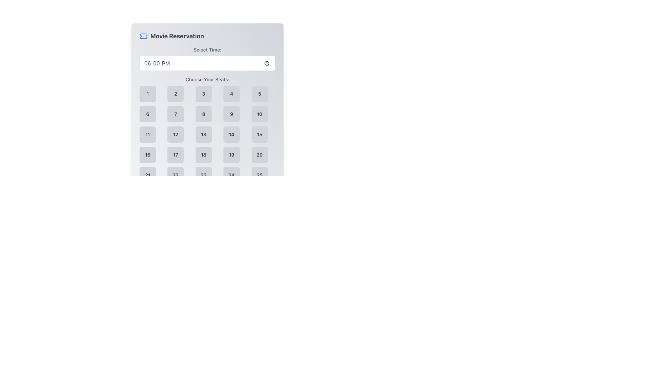  Describe the element at coordinates (207, 129) in the screenshot. I see `the button representing seat number '13' in the movie booking interface` at that location.